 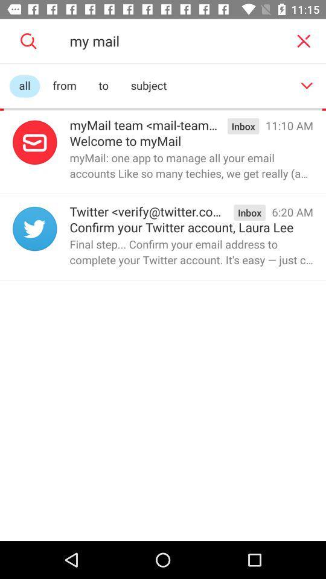 What do you see at coordinates (65, 86) in the screenshot?
I see `item to the left of the to item` at bounding box center [65, 86].